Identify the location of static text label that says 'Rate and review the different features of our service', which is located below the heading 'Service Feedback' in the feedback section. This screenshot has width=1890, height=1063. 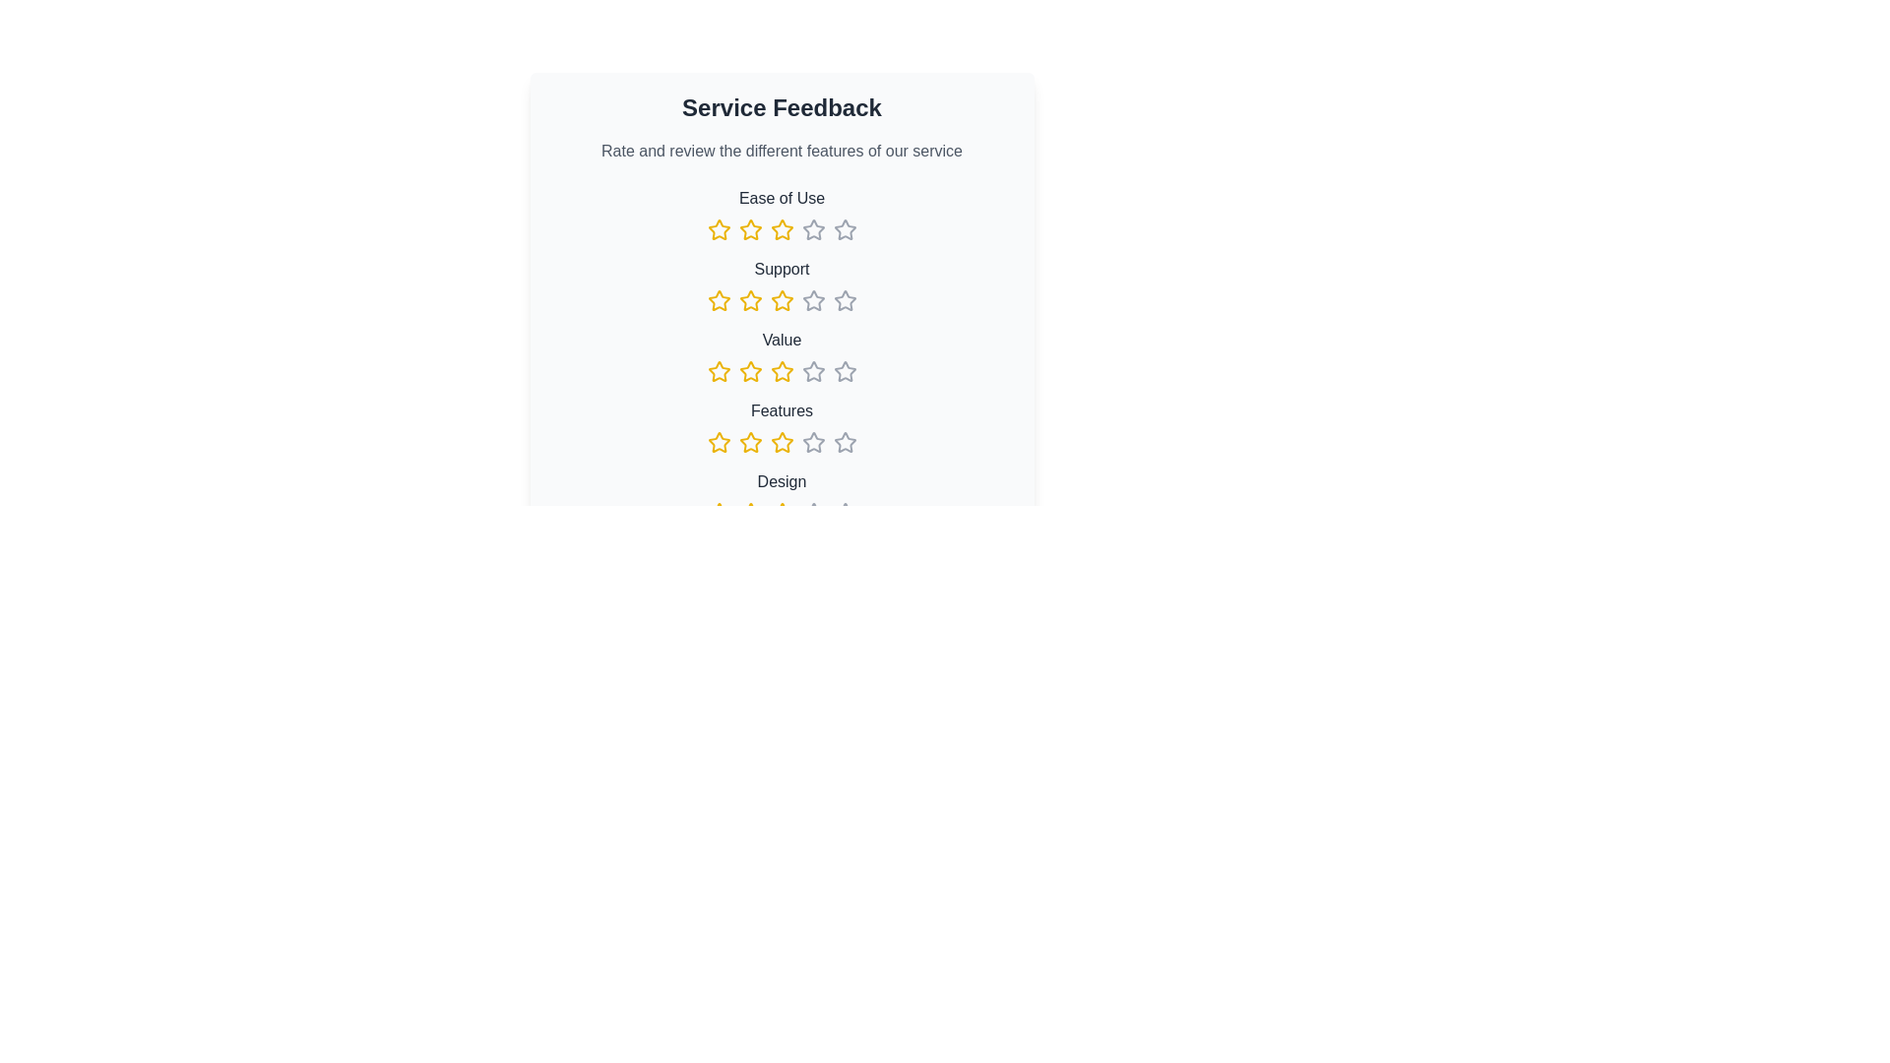
(781, 151).